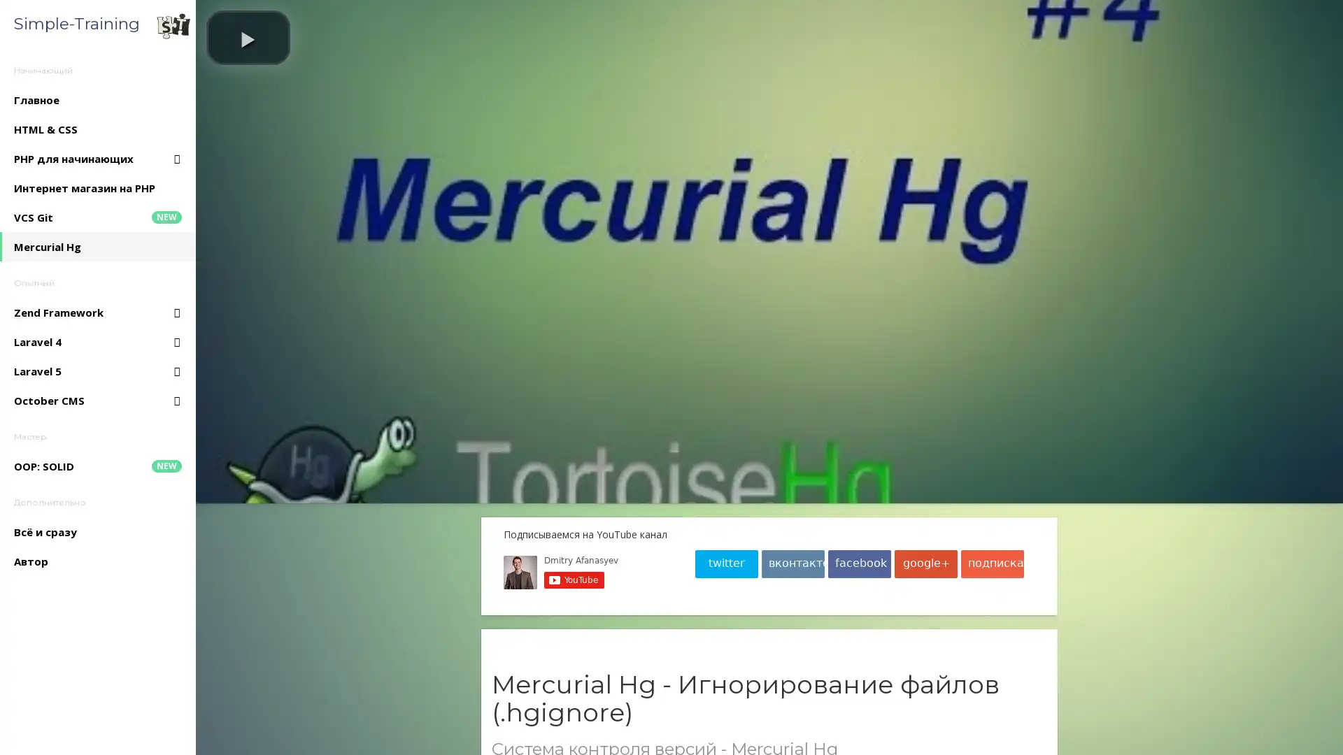  Describe the element at coordinates (248, 37) in the screenshot. I see `play video` at that location.